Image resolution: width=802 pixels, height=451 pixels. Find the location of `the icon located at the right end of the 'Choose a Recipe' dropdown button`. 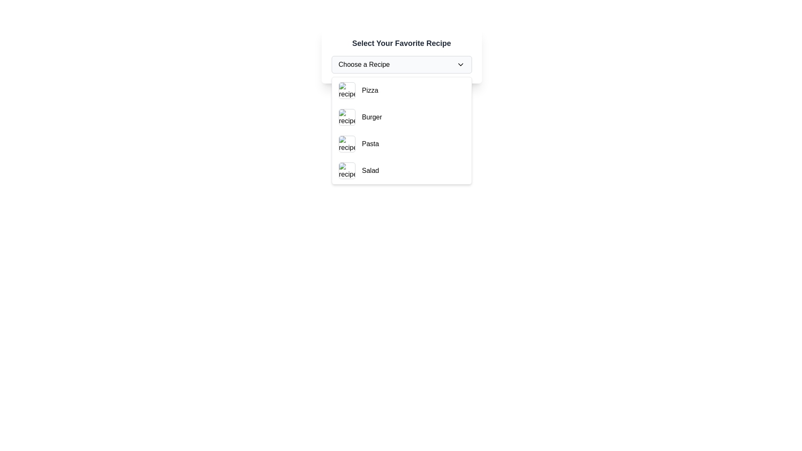

the icon located at the right end of the 'Choose a Recipe' dropdown button is located at coordinates (460, 64).